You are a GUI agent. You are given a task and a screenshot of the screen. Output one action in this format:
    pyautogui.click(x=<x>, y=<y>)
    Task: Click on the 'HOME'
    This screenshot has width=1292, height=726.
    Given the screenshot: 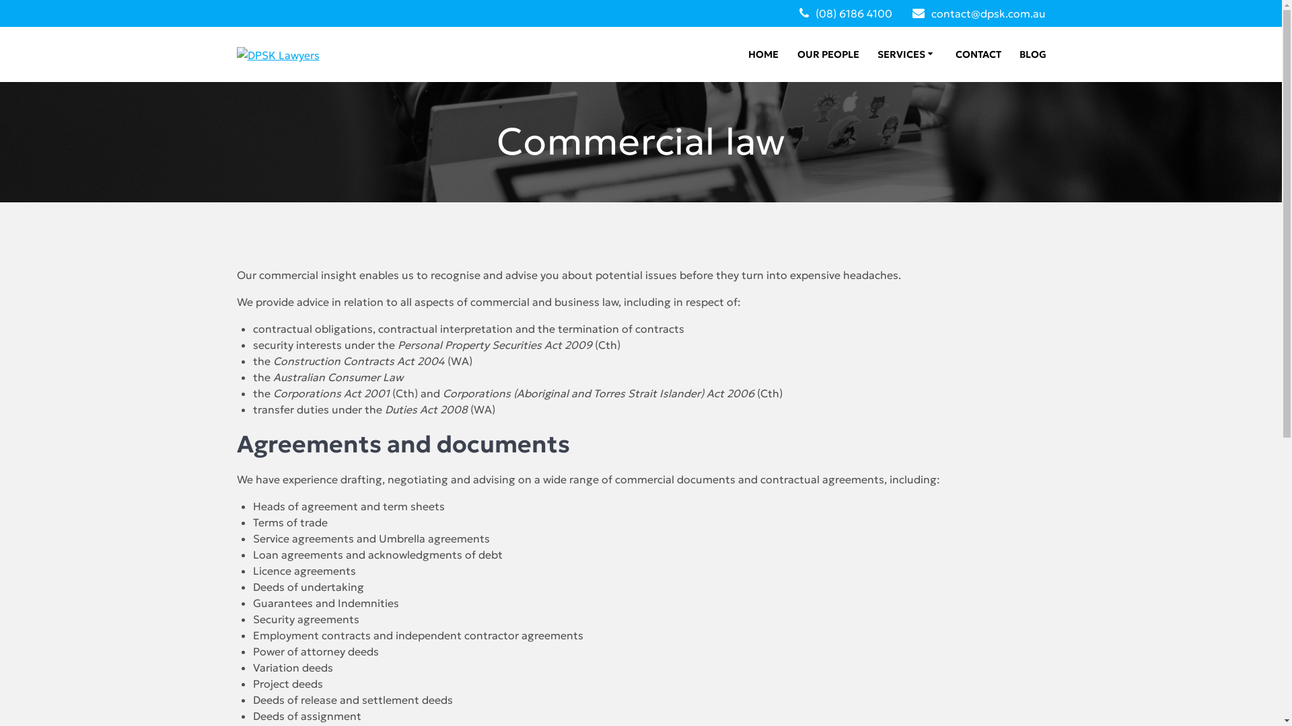 What is the action you would take?
    pyautogui.click(x=763, y=54)
    